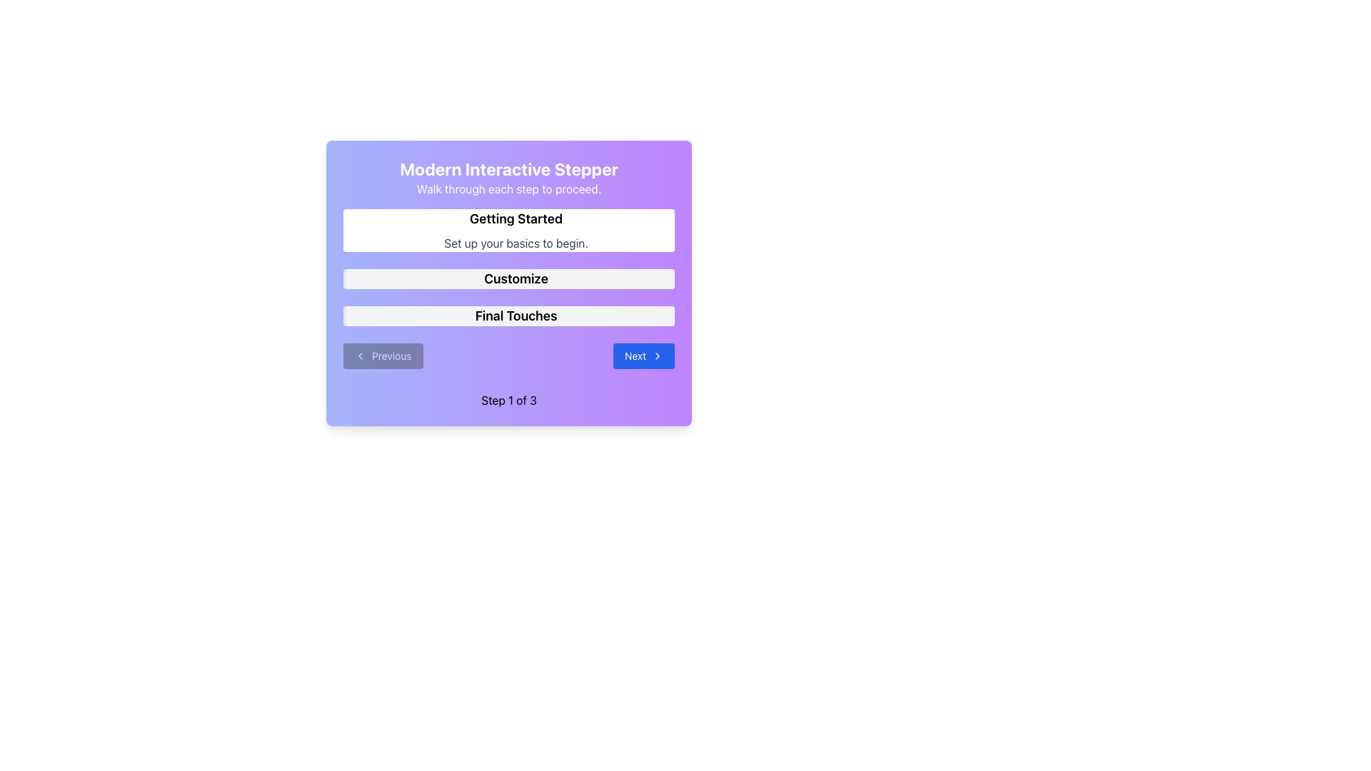 This screenshot has width=1371, height=771. I want to click on the 'Next' button located at the bottom-right corner of the interface, so click(643, 355).